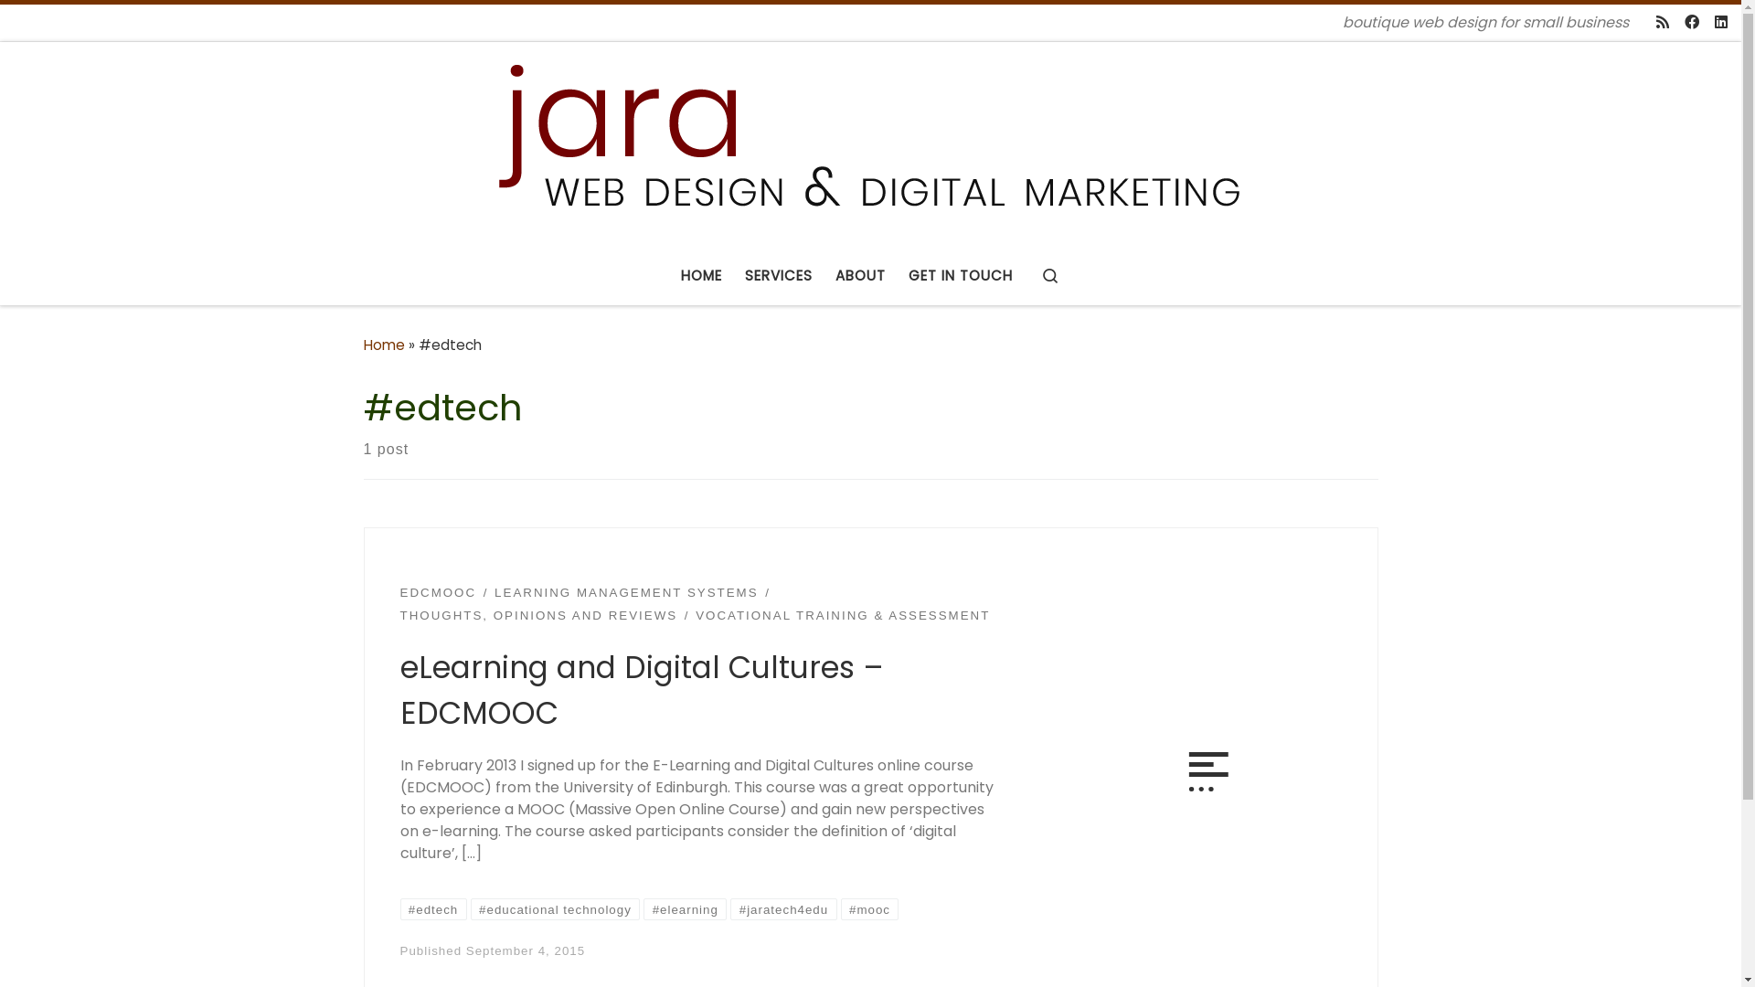 The width and height of the screenshot is (1755, 987). I want to click on '#educational technology', so click(554, 909).